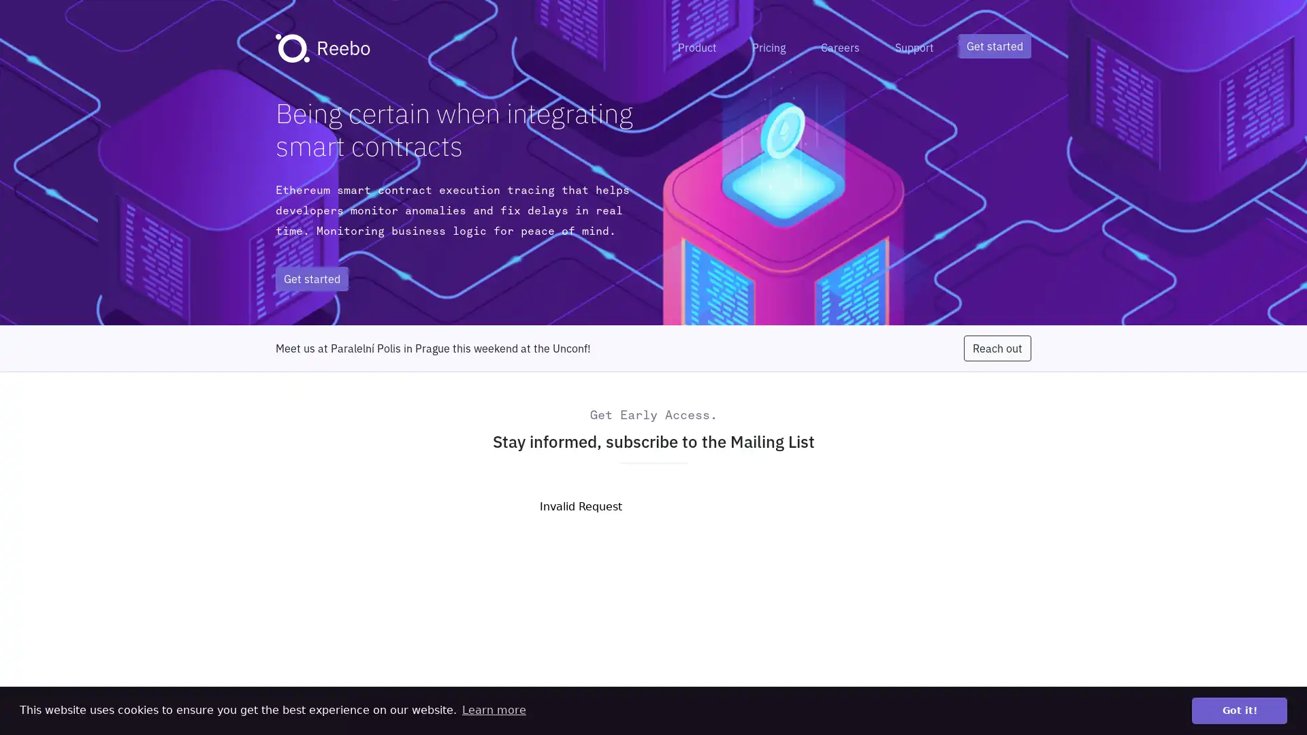 The width and height of the screenshot is (1307, 735). Describe the element at coordinates (995, 46) in the screenshot. I see `Get started` at that location.